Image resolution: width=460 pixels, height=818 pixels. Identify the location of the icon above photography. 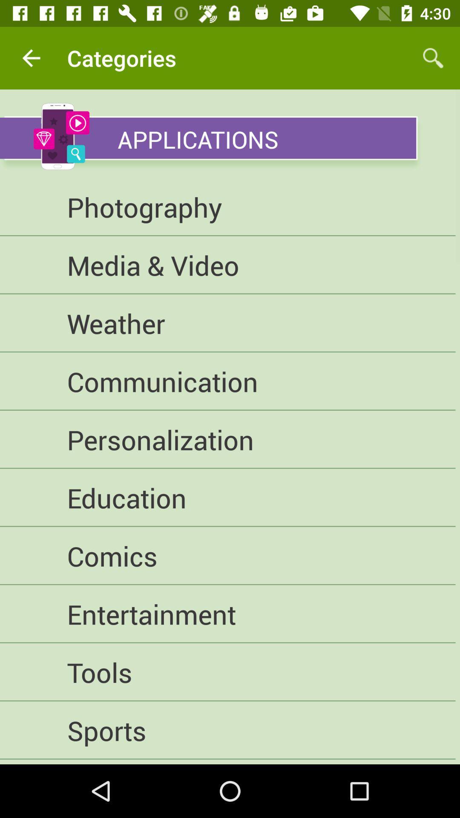
(208, 138).